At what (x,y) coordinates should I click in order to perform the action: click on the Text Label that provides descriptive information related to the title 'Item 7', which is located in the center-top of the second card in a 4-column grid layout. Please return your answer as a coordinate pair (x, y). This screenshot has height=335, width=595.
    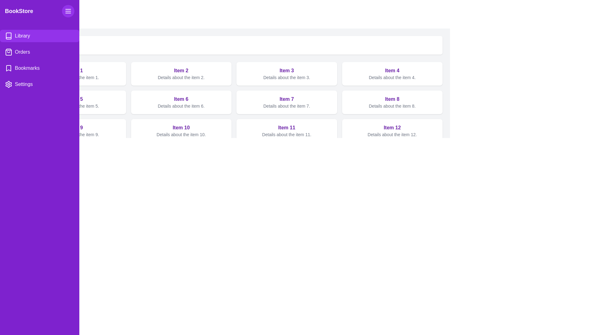
    Looking at the image, I should click on (286, 106).